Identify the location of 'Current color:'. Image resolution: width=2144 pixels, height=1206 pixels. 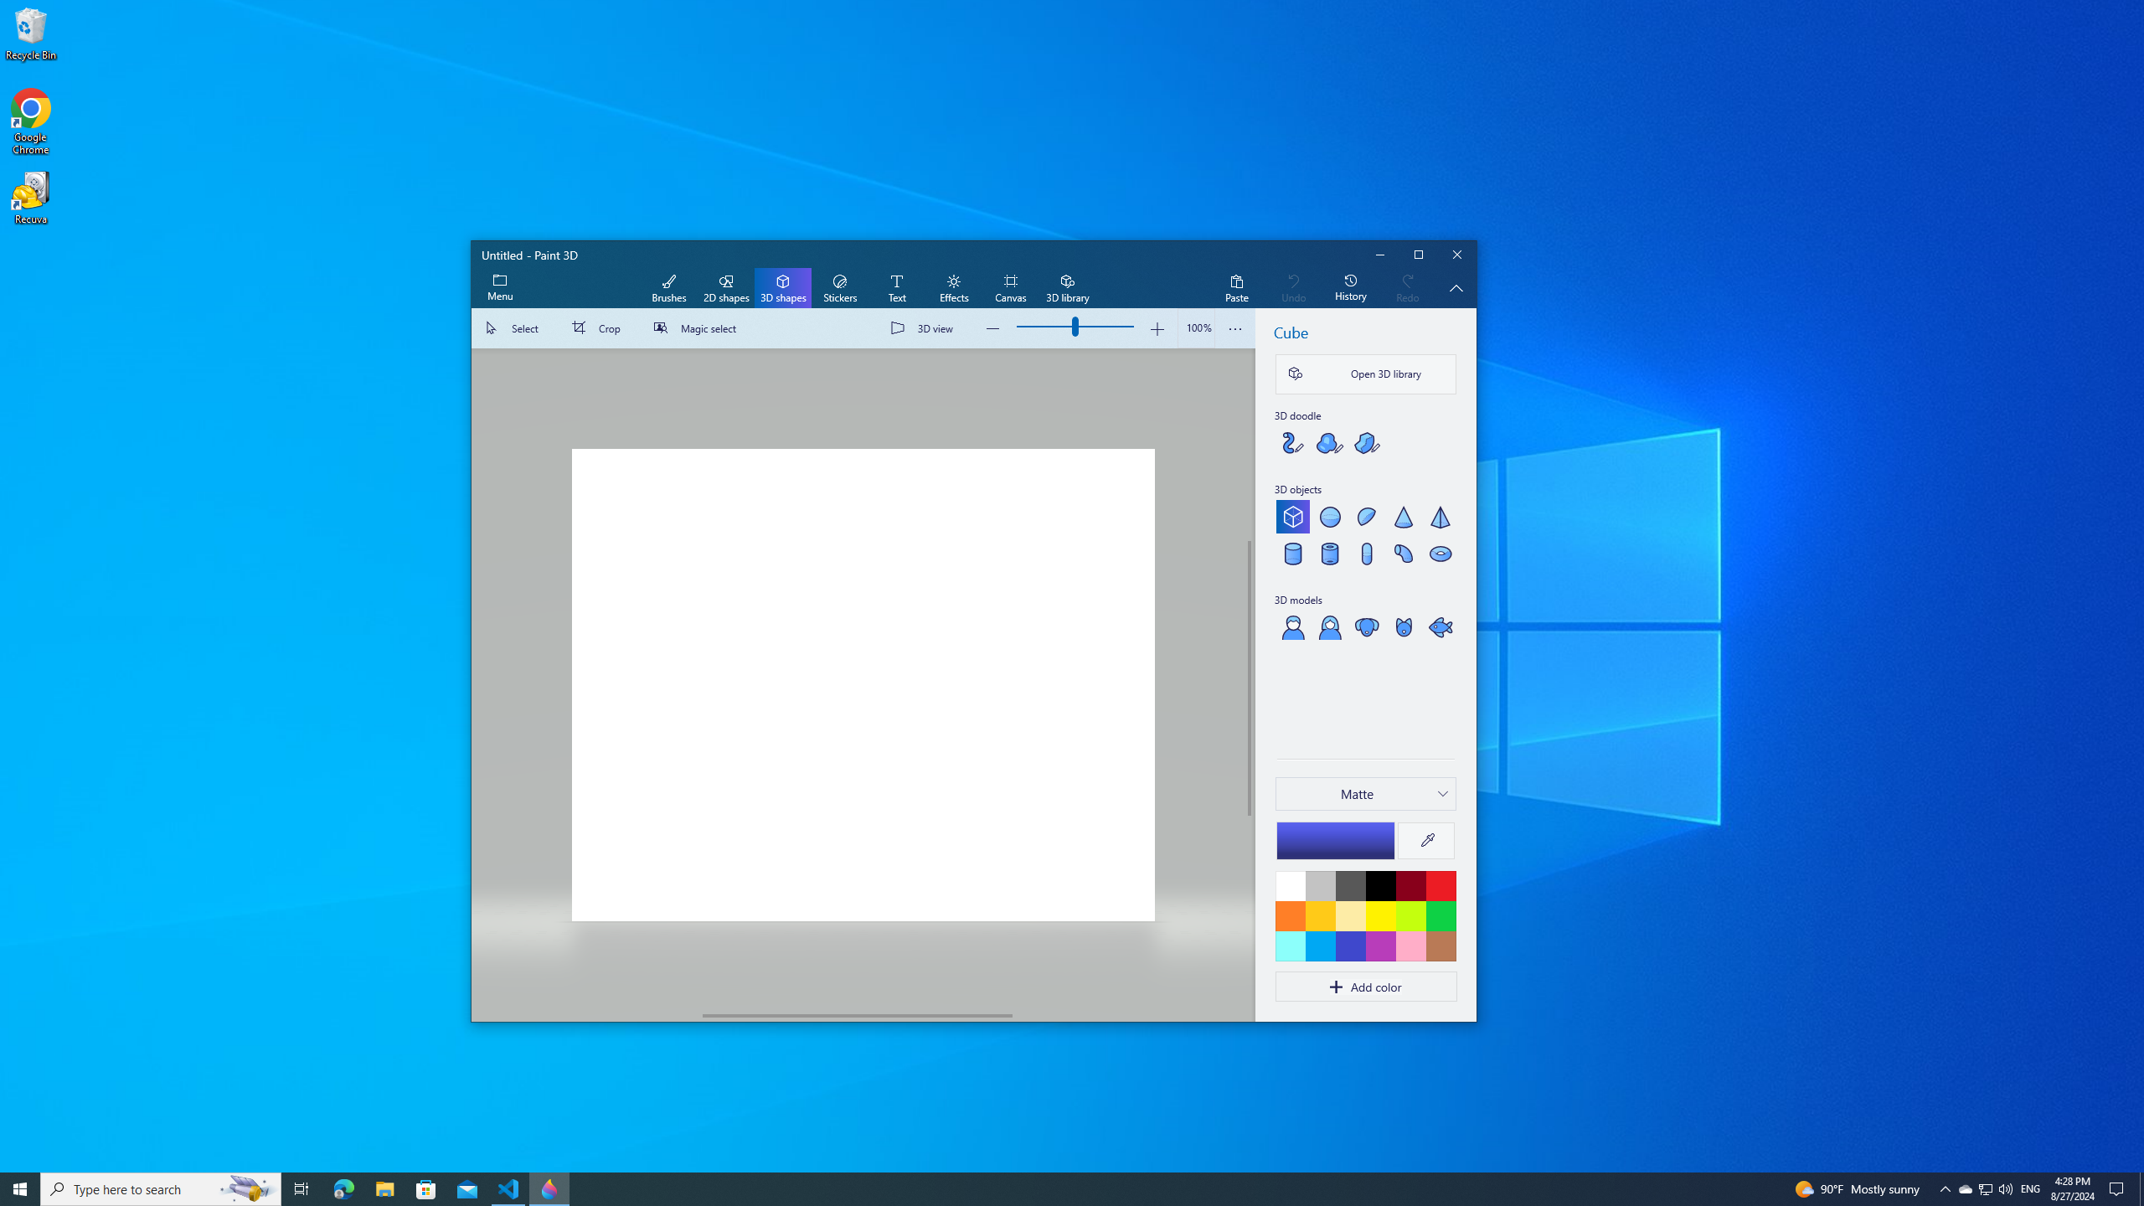
(1334, 840).